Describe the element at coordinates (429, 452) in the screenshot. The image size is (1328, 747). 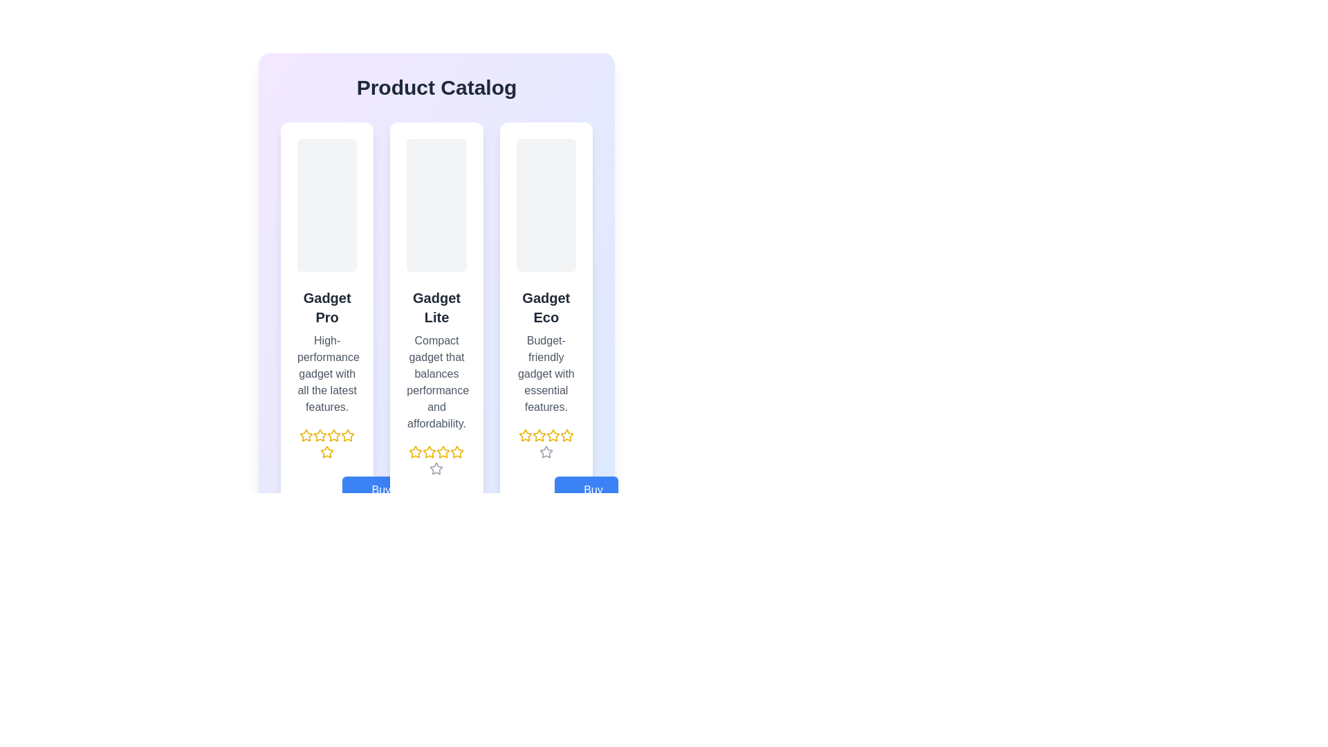
I see `the second golden star icon in the five-star rating system below the text 'Gadget Lite'` at that location.